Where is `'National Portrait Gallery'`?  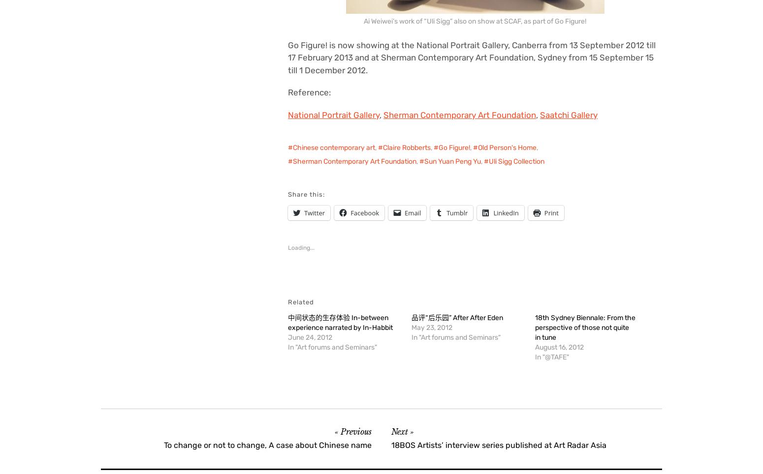 'National Portrait Gallery' is located at coordinates (333, 114).